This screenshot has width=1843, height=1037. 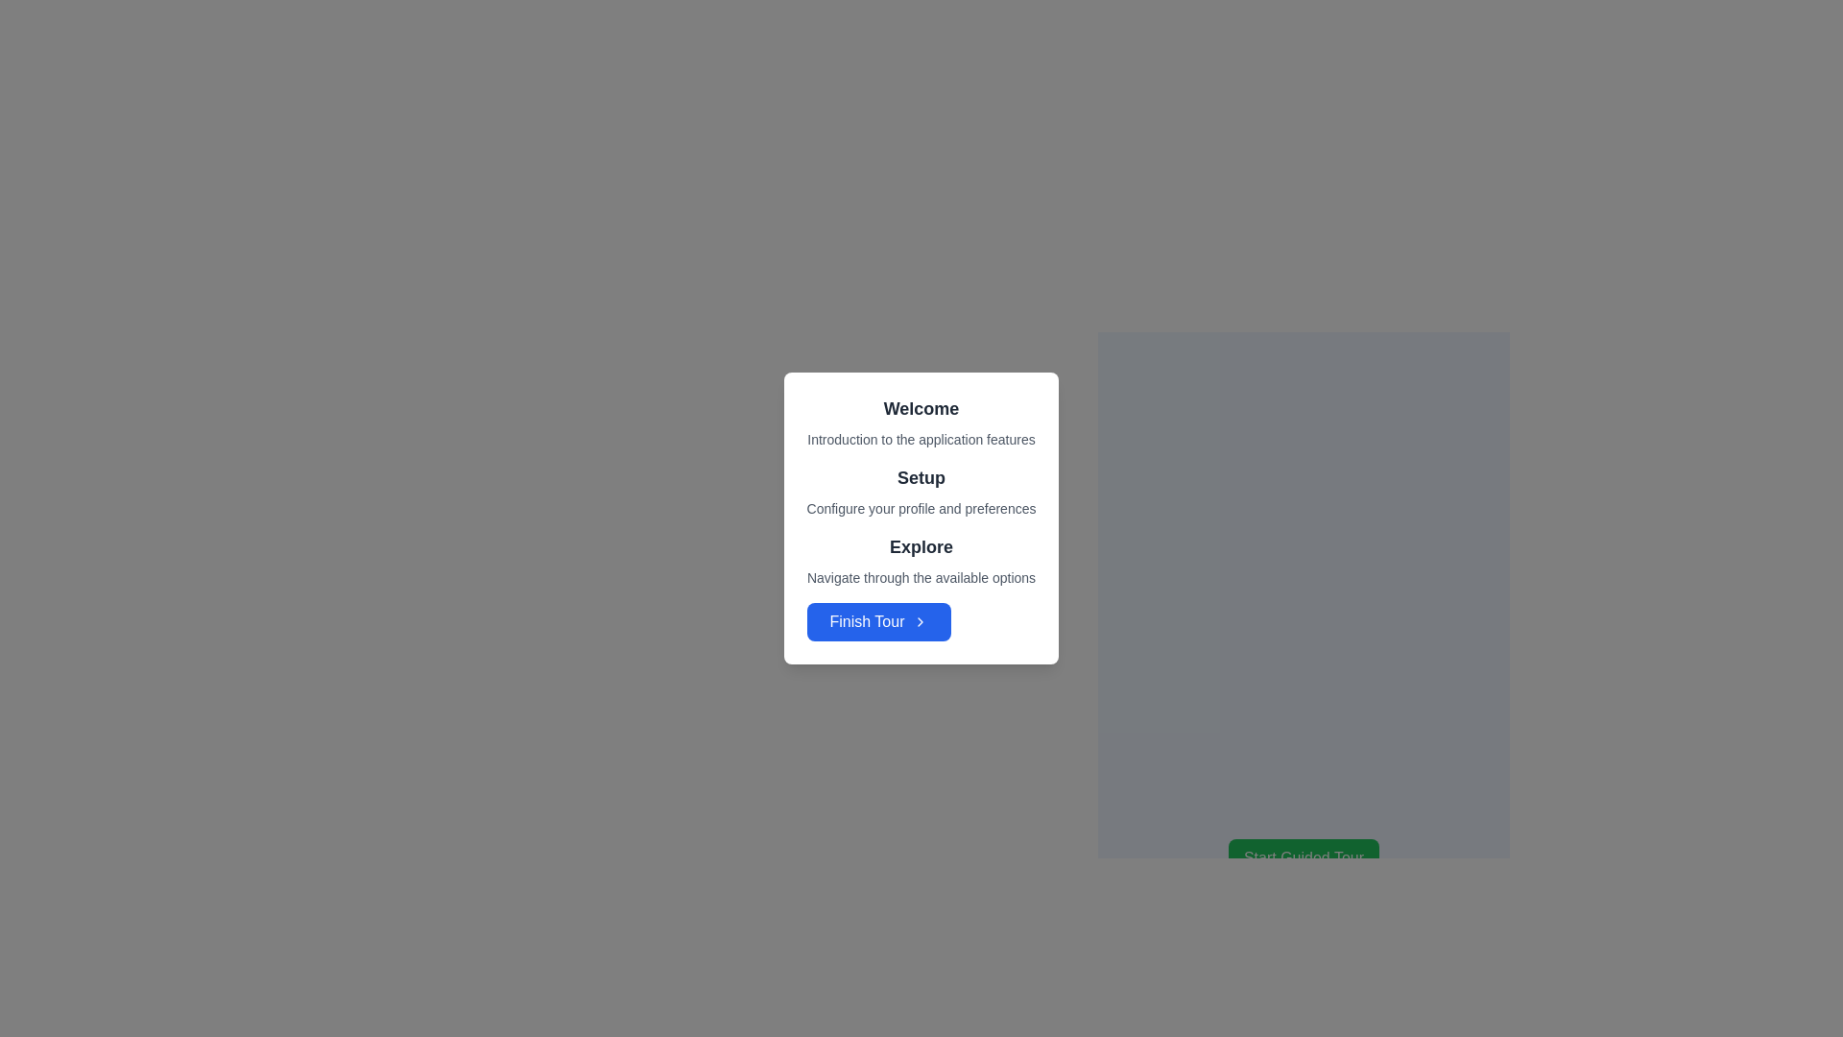 What do you see at coordinates (921, 491) in the screenshot?
I see `information displayed in the 'Setup' step description, which provides guidance on configuring the user's profile and preferences` at bounding box center [921, 491].